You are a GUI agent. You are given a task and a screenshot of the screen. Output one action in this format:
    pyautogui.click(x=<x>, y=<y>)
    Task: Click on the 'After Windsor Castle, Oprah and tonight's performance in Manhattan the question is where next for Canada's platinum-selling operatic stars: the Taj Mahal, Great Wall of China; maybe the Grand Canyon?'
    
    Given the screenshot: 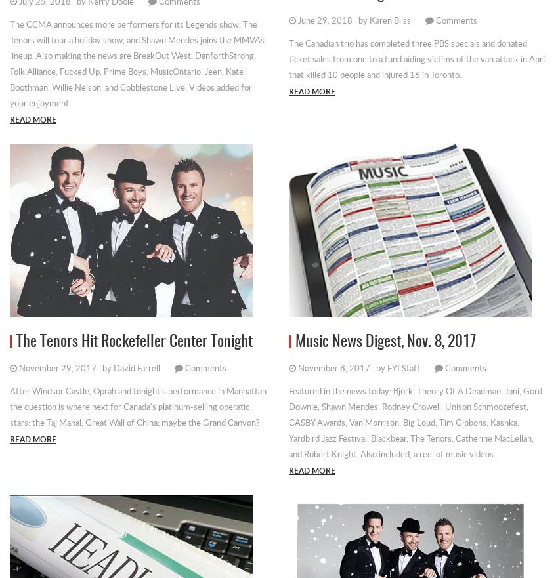 What is the action you would take?
    pyautogui.click(x=137, y=405)
    